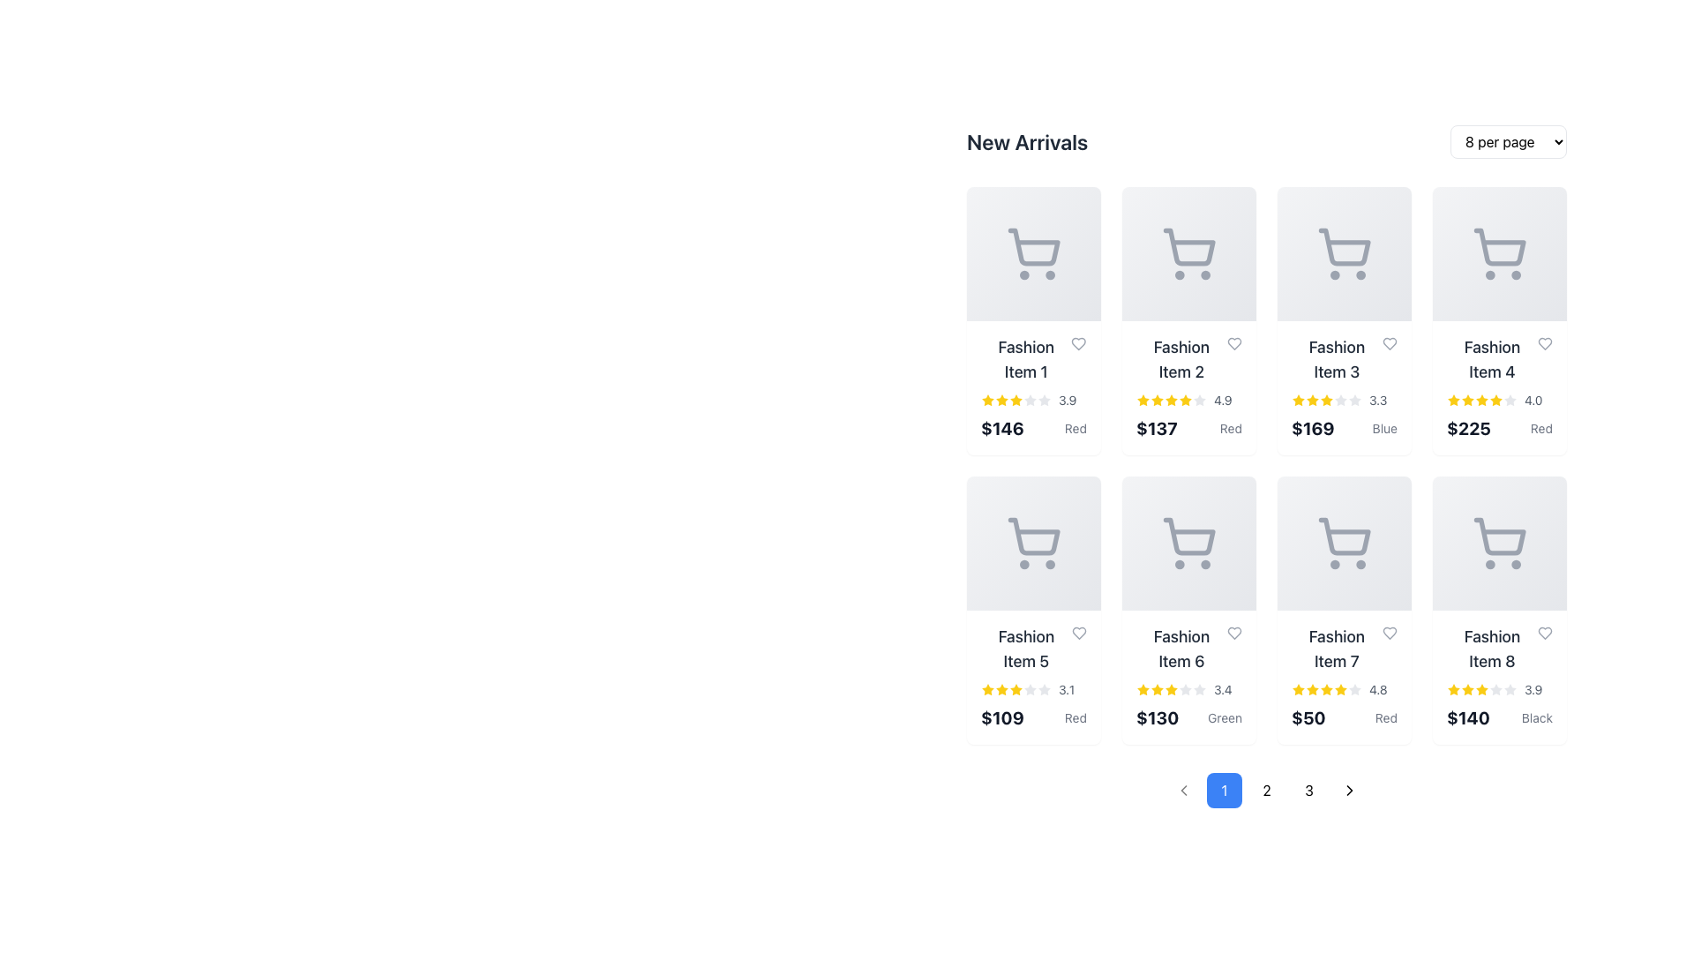 Image resolution: width=1694 pixels, height=953 pixels. What do you see at coordinates (1067, 401) in the screenshot?
I see `the text label displaying the numeric value of user ratings for the associated item located to the right of the row of stars in the bottom right corner of the grid interface` at bounding box center [1067, 401].